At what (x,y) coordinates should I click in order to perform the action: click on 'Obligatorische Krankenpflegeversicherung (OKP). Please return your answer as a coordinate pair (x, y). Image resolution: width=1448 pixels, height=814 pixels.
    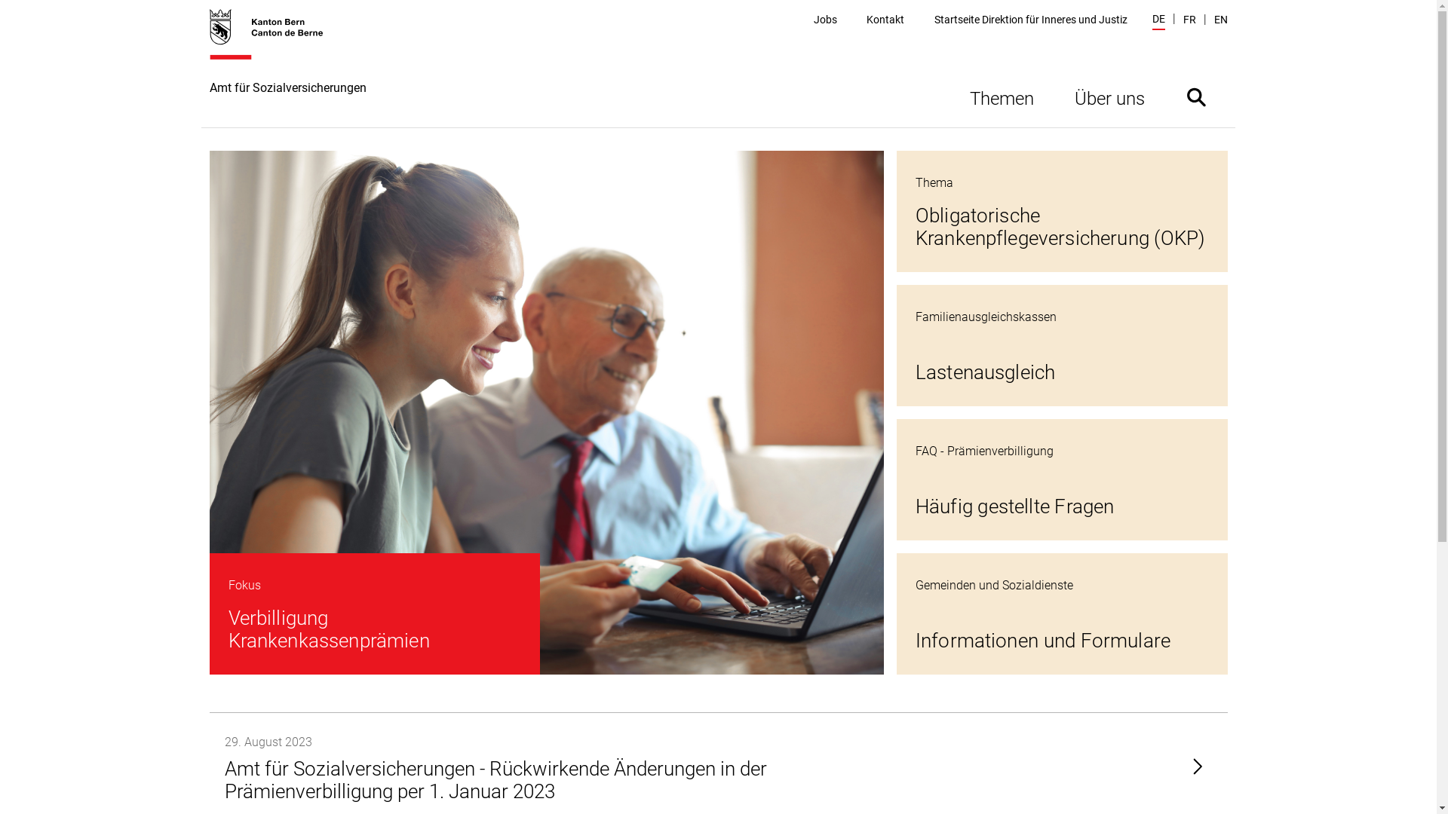
    Looking at the image, I should click on (1061, 211).